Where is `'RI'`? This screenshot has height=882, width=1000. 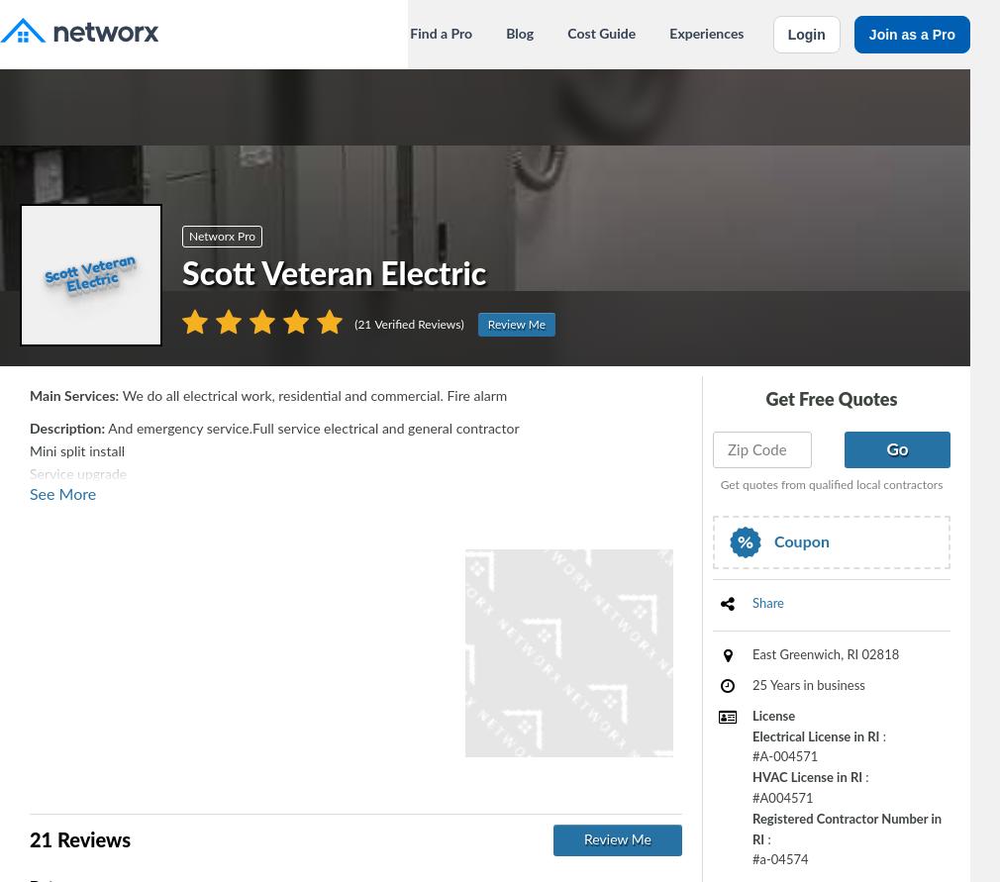 'RI' is located at coordinates (852, 654).